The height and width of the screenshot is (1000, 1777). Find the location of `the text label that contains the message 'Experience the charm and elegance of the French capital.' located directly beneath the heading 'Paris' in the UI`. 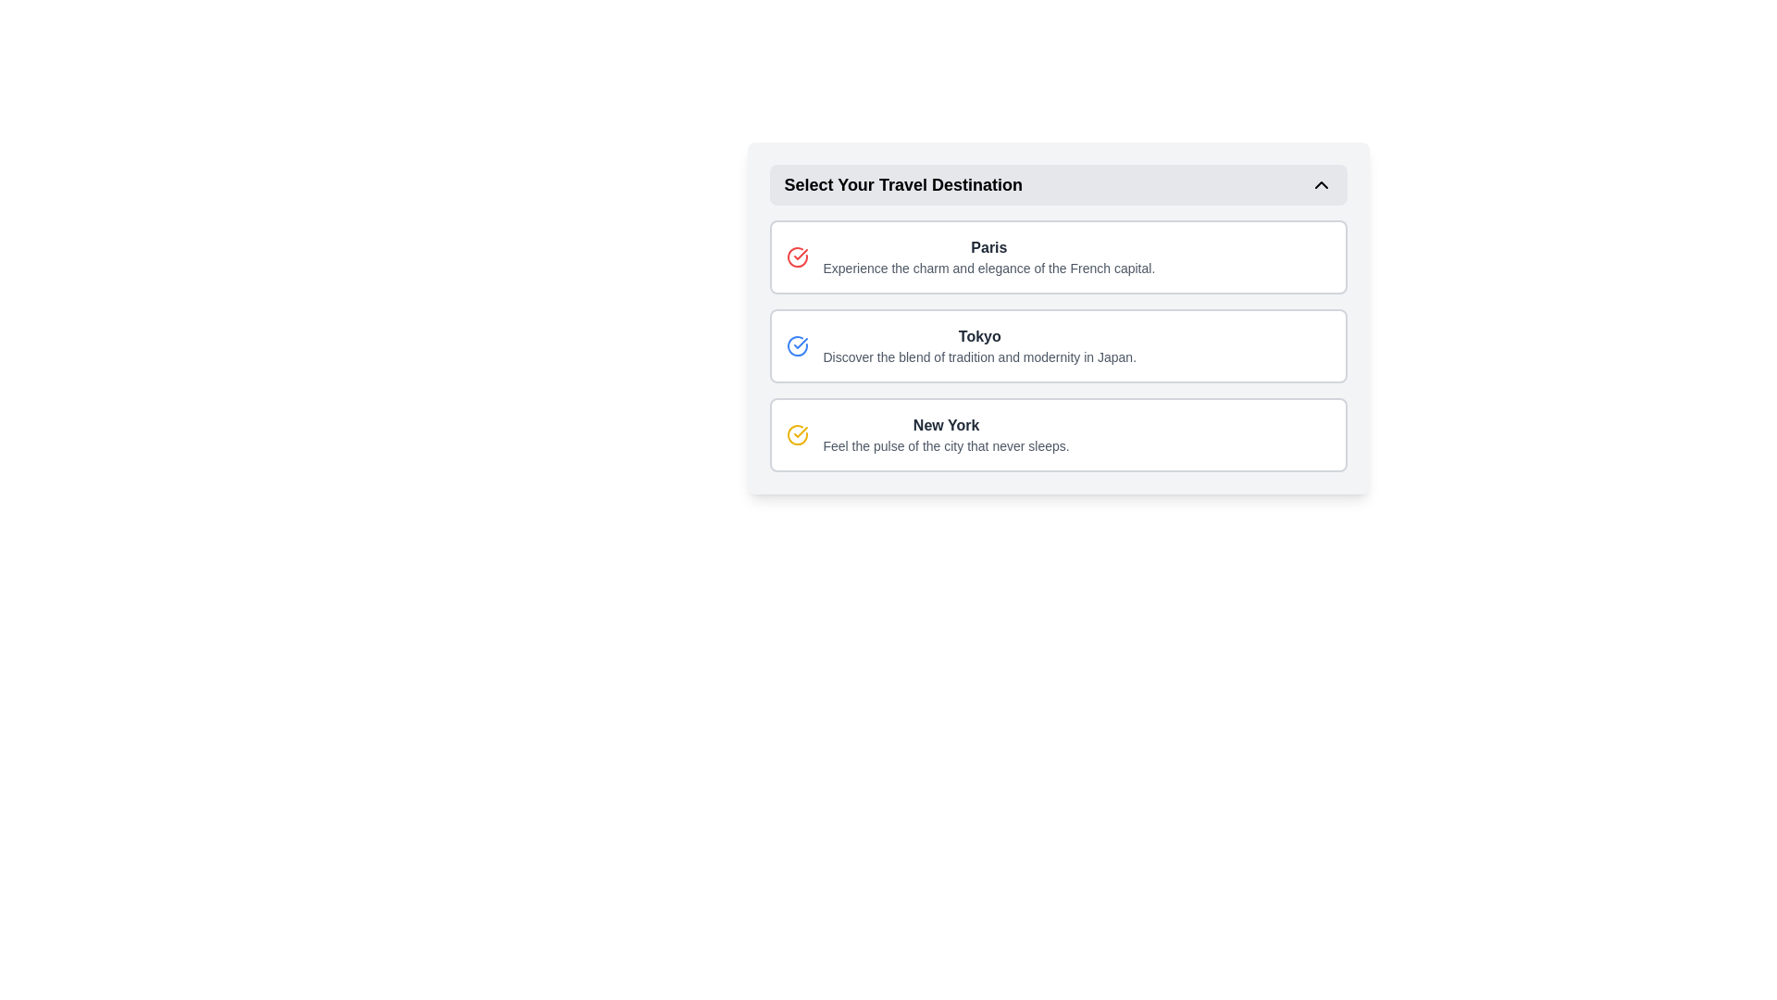

the text label that contains the message 'Experience the charm and elegance of the French capital.' located directly beneath the heading 'Paris' in the UI is located at coordinates (988, 268).